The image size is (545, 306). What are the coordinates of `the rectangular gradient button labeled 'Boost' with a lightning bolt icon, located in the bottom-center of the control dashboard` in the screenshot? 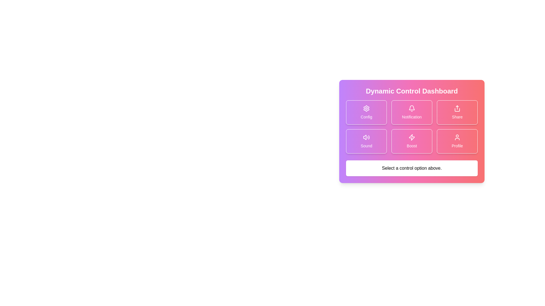 It's located at (412, 141).